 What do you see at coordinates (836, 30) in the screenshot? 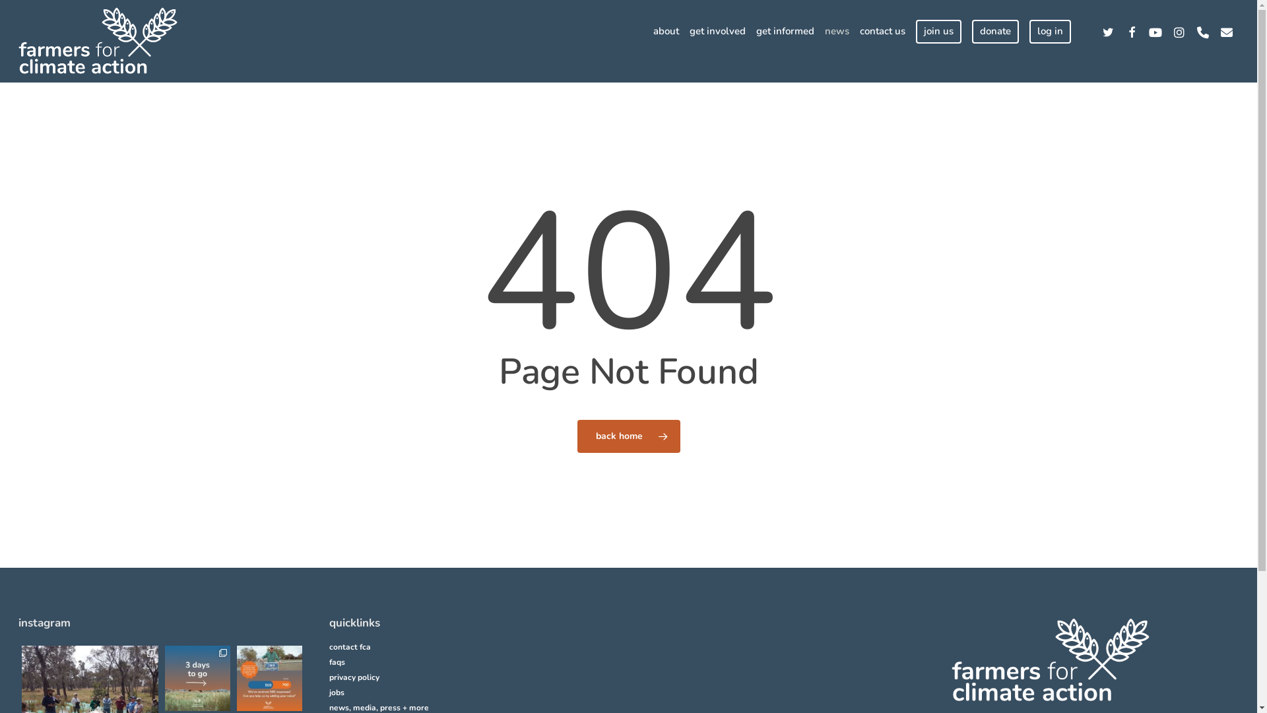
I see `'news'` at bounding box center [836, 30].